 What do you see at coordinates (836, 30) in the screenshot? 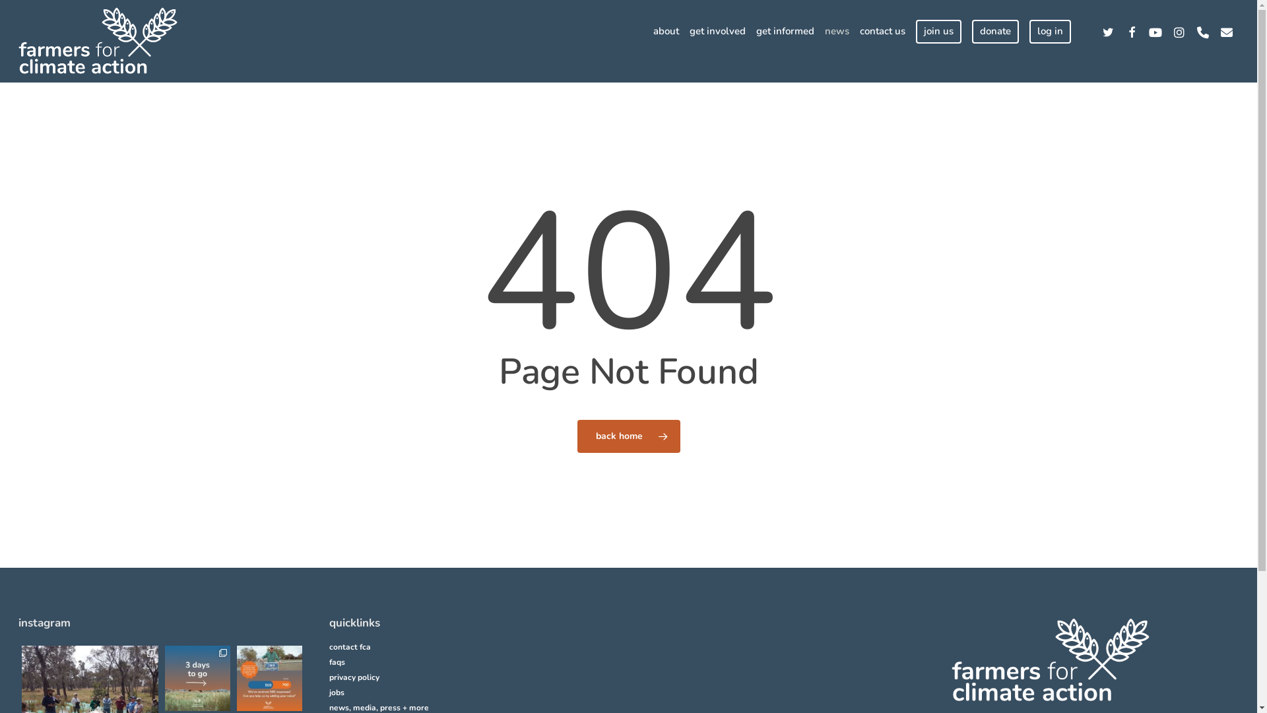
I see `'news'` at bounding box center [836, 30].